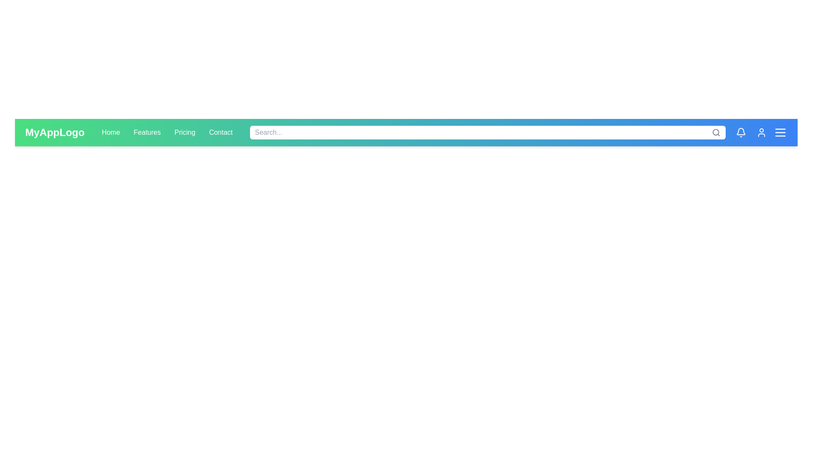 The image size is (822, 462). What do you see at coordinates (716, 132) in the screenshot?
I see `the circular part of the magnifying glass icon located in the blue navbar to focus on the associated search bar` at bounding box center [716, 132].